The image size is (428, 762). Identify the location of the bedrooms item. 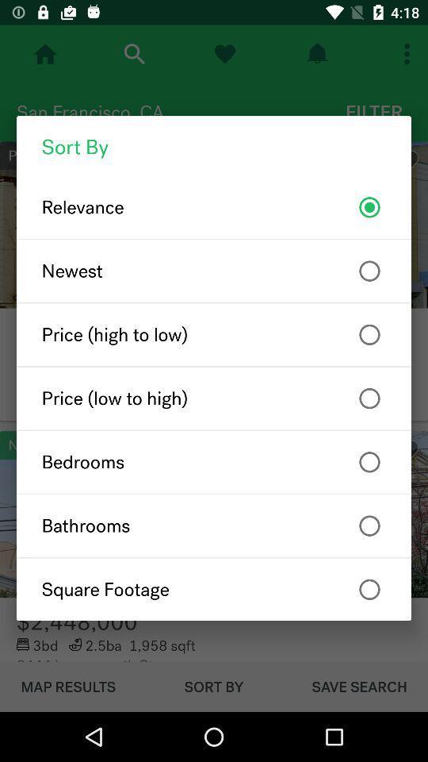
(214, 462).